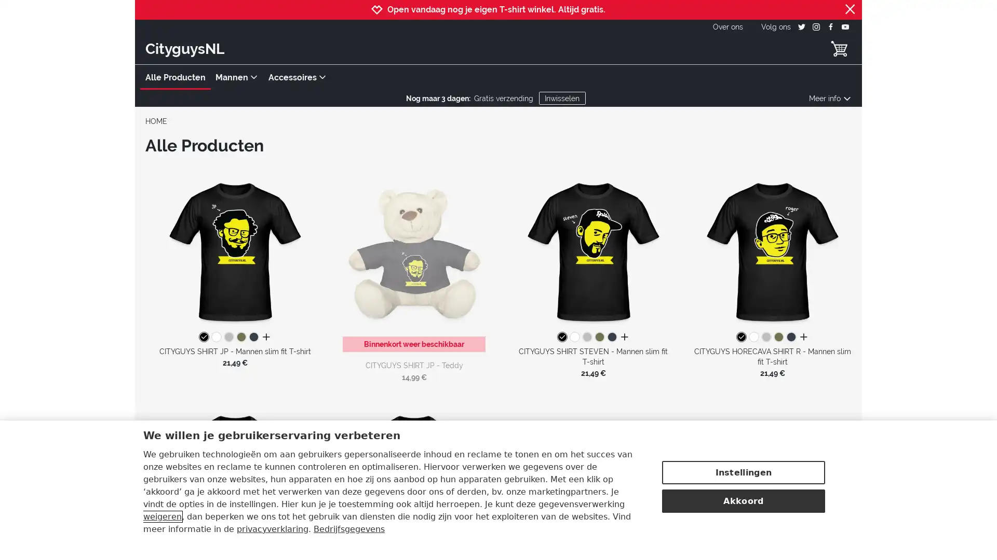 Image resolution: width=997 pixels, height=560 pixels. I want to click on CITYGUYS HORECAVA SHIRT R - Mannen slim fit T-shirt, so click(772, 250).